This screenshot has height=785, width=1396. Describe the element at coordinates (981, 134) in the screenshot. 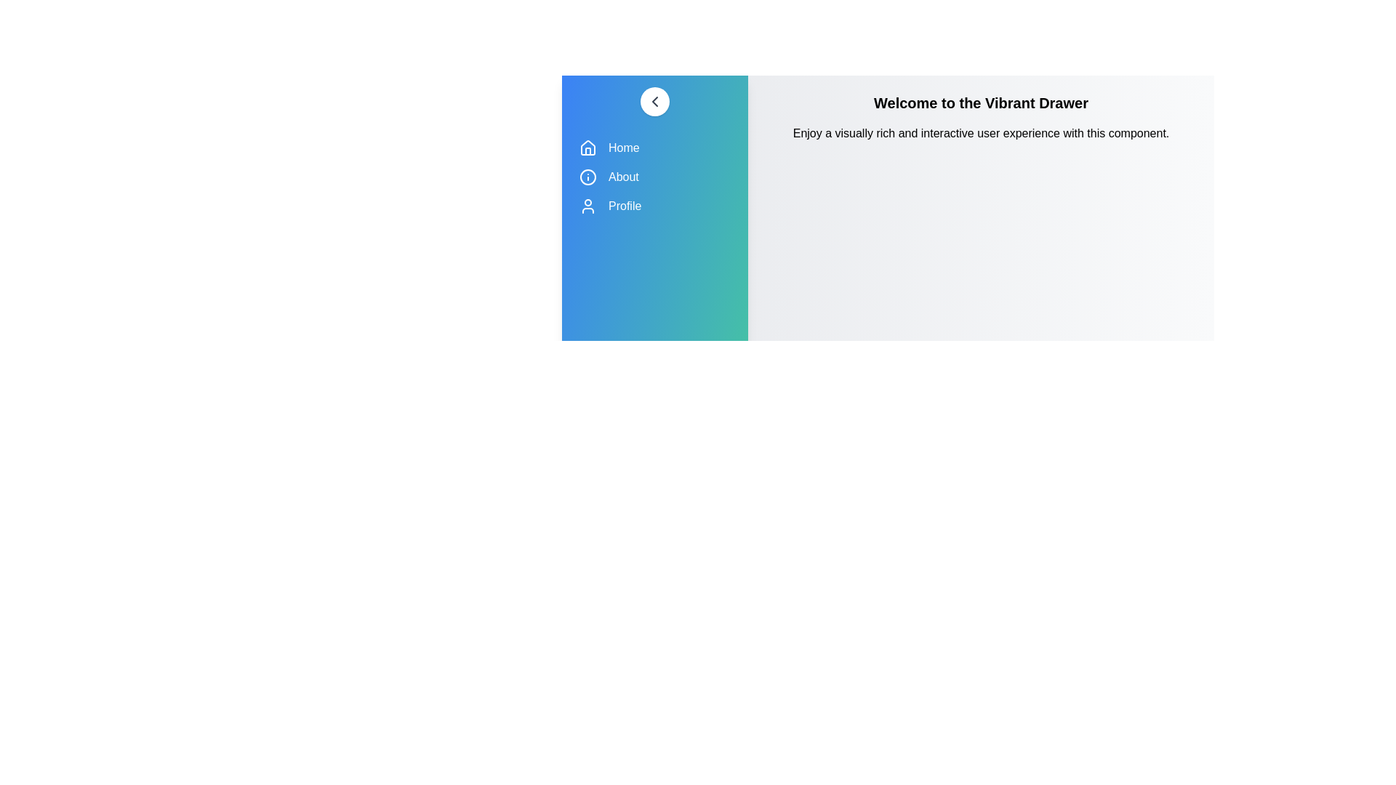

I see `the descriptive text in the VibrantDrawer component` at that location.